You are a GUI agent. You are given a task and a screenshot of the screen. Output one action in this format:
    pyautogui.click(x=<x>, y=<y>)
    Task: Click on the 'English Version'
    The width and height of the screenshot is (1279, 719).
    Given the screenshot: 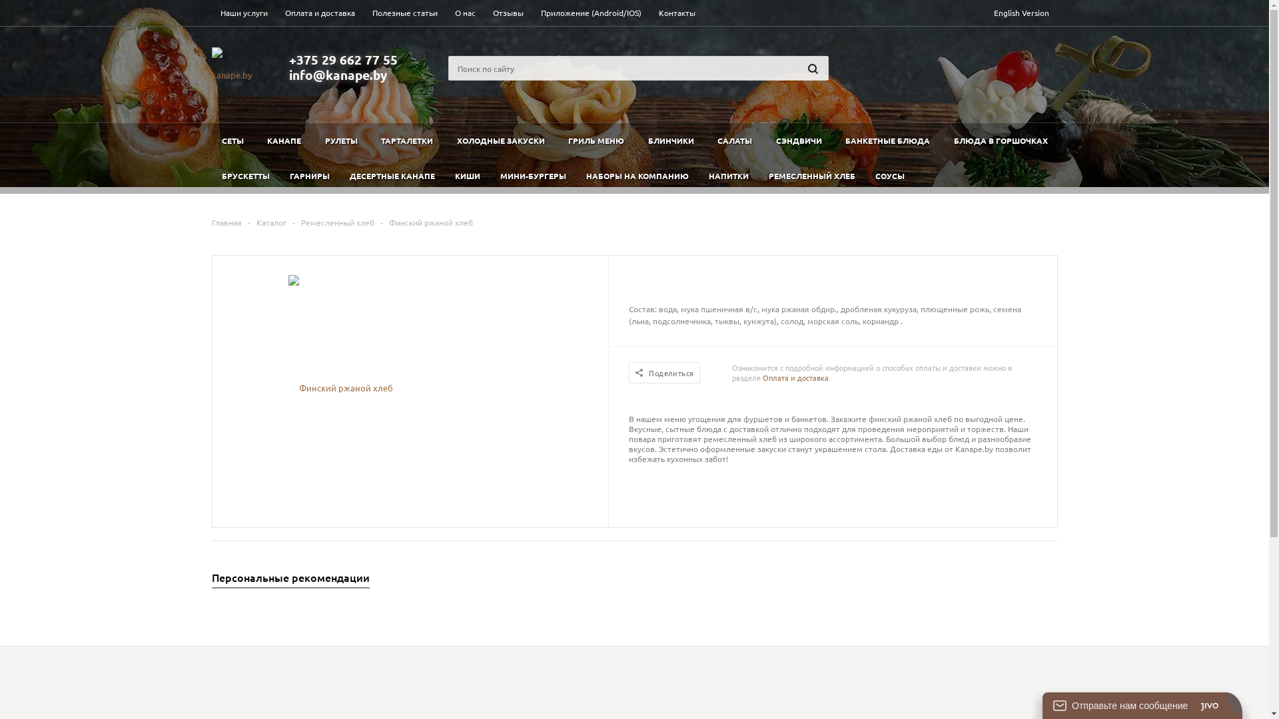 What is the action you would take?
    pyautogui.click(x=1020, y=13)
    